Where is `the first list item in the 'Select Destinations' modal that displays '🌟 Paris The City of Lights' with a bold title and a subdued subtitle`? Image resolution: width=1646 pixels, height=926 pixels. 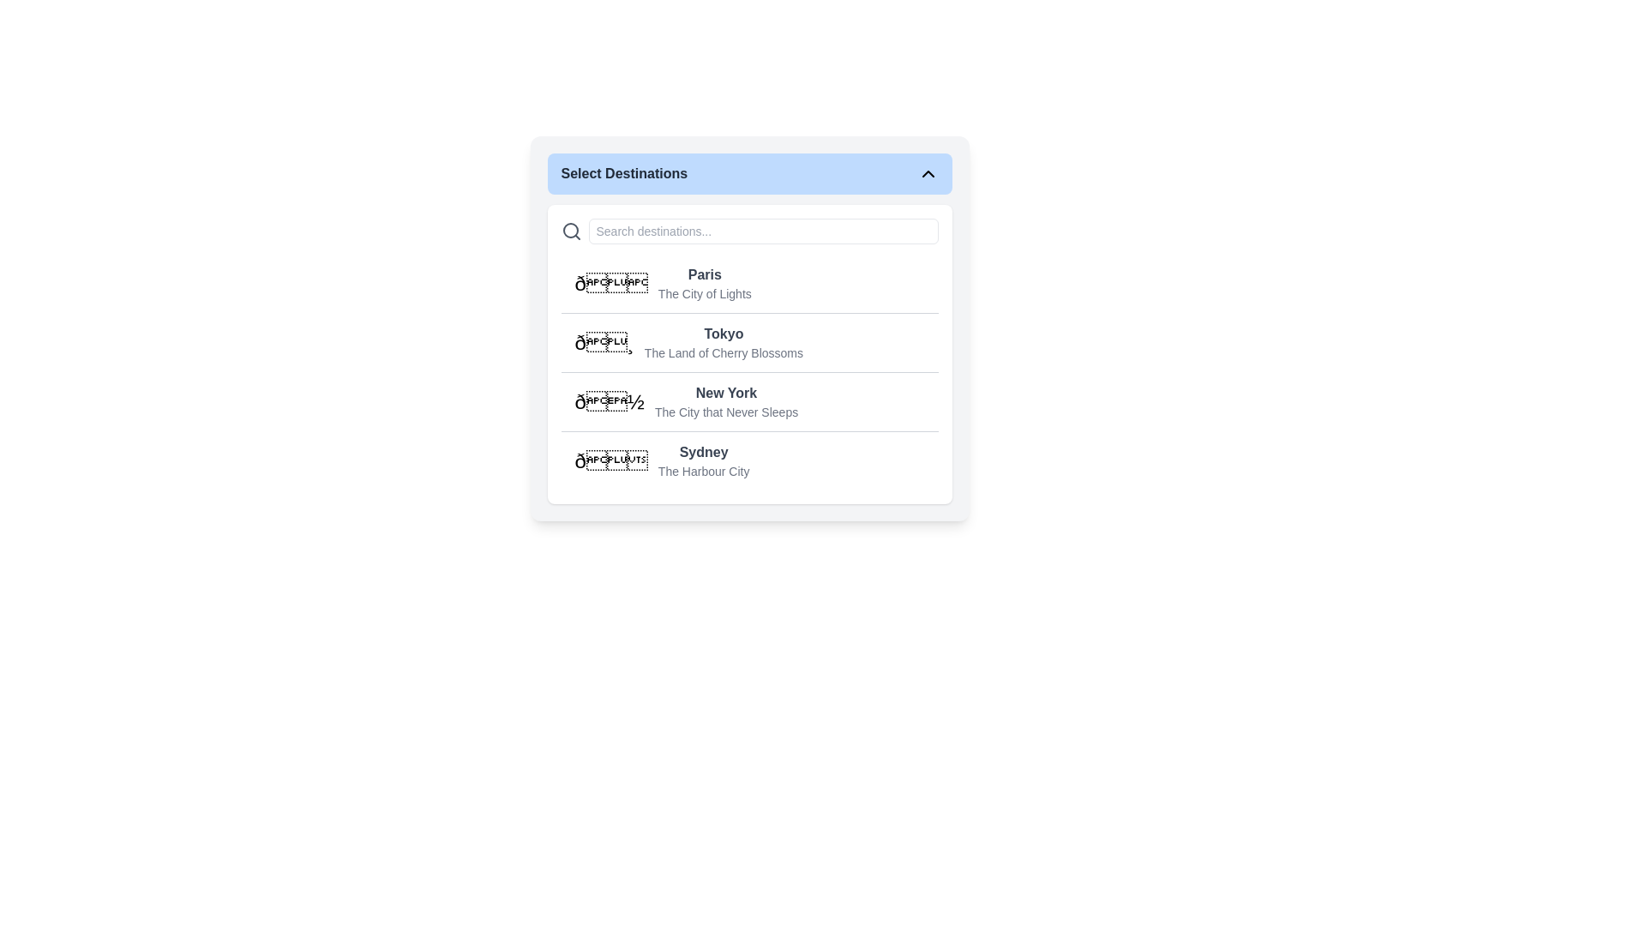 the first list item in the 'Select Destinations' modal that displays '🌟 Paris The City of Lights' with a bold title and a subdued subtitle is located at coordinates (662, 283).